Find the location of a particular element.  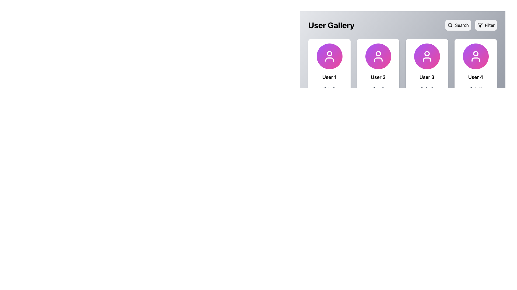

the second text label in the user profile card for 'User 1', which provides context about the user's role and is located beneath the 'User 1' label is located at coordinates (329, 88).